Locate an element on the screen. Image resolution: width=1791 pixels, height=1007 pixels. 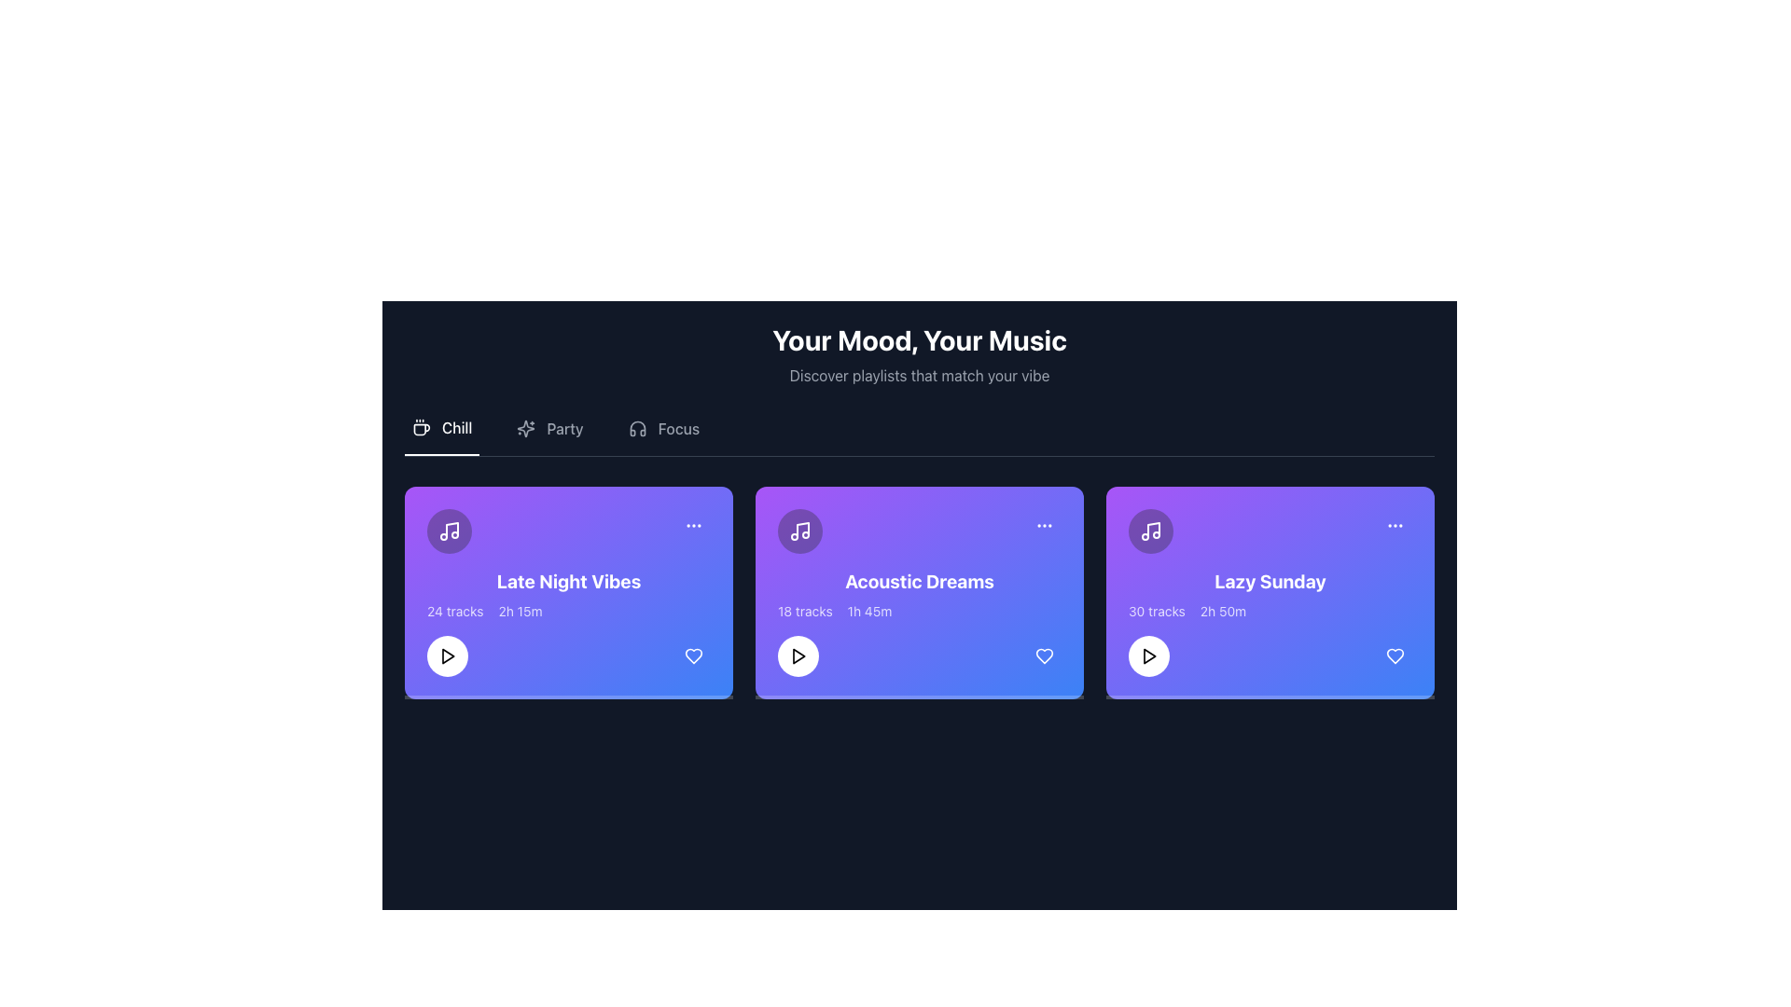
the Focus mode icon located in the top center menu bar, which visually indicates the Focus mode option among other similar icons is located at coordinates (637, 428).